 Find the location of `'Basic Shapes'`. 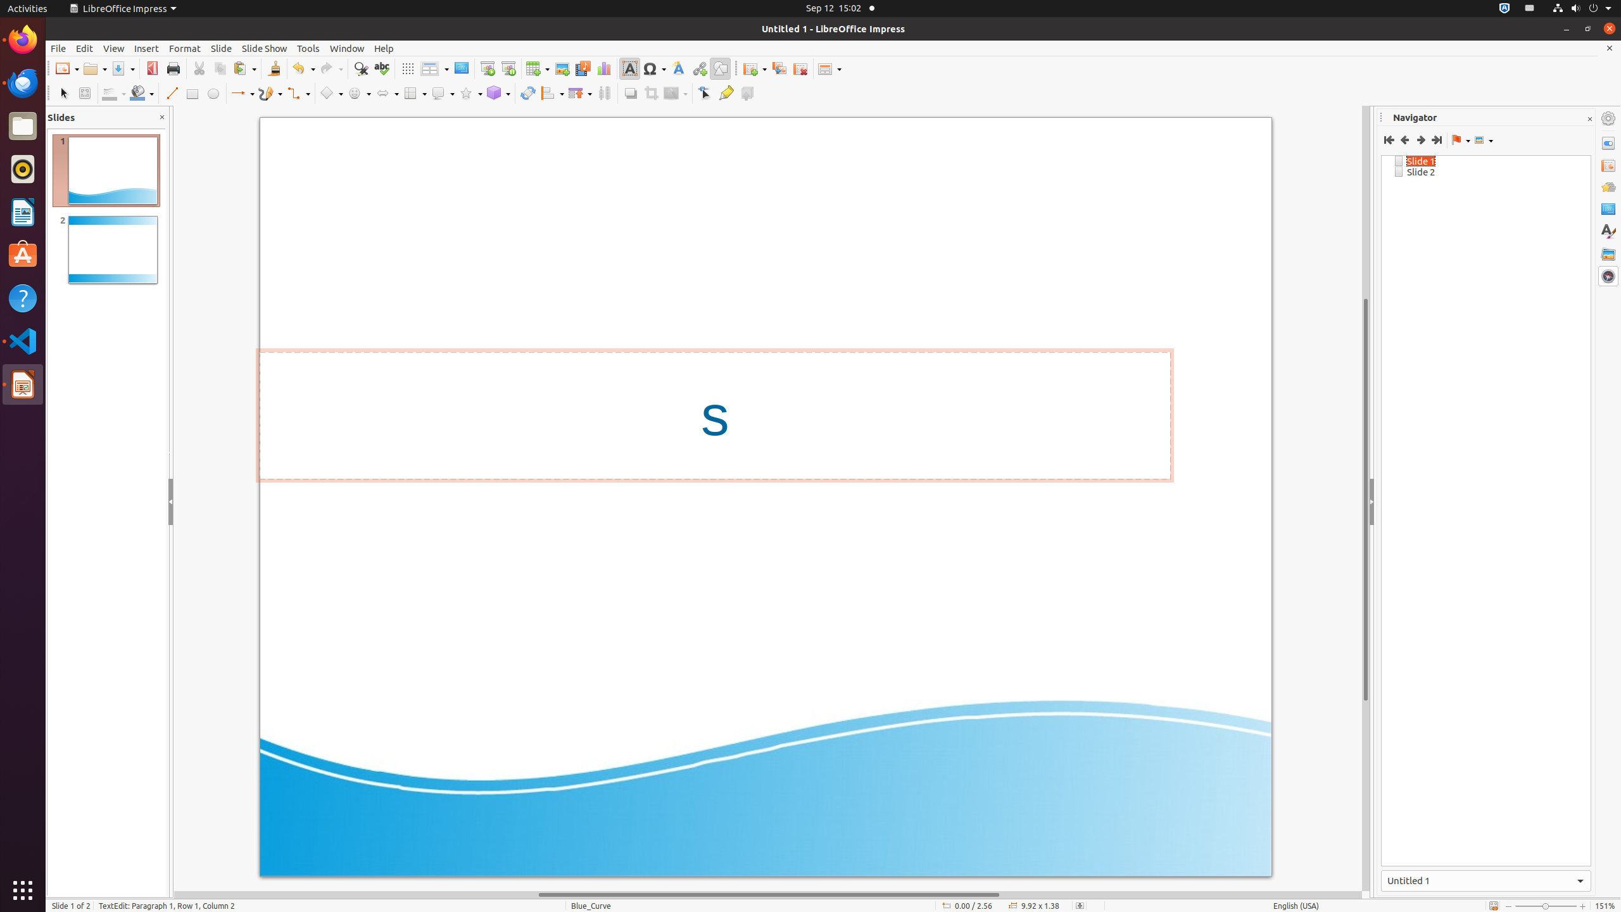

'Basic Shapes' is located at coordinates (331, 92).